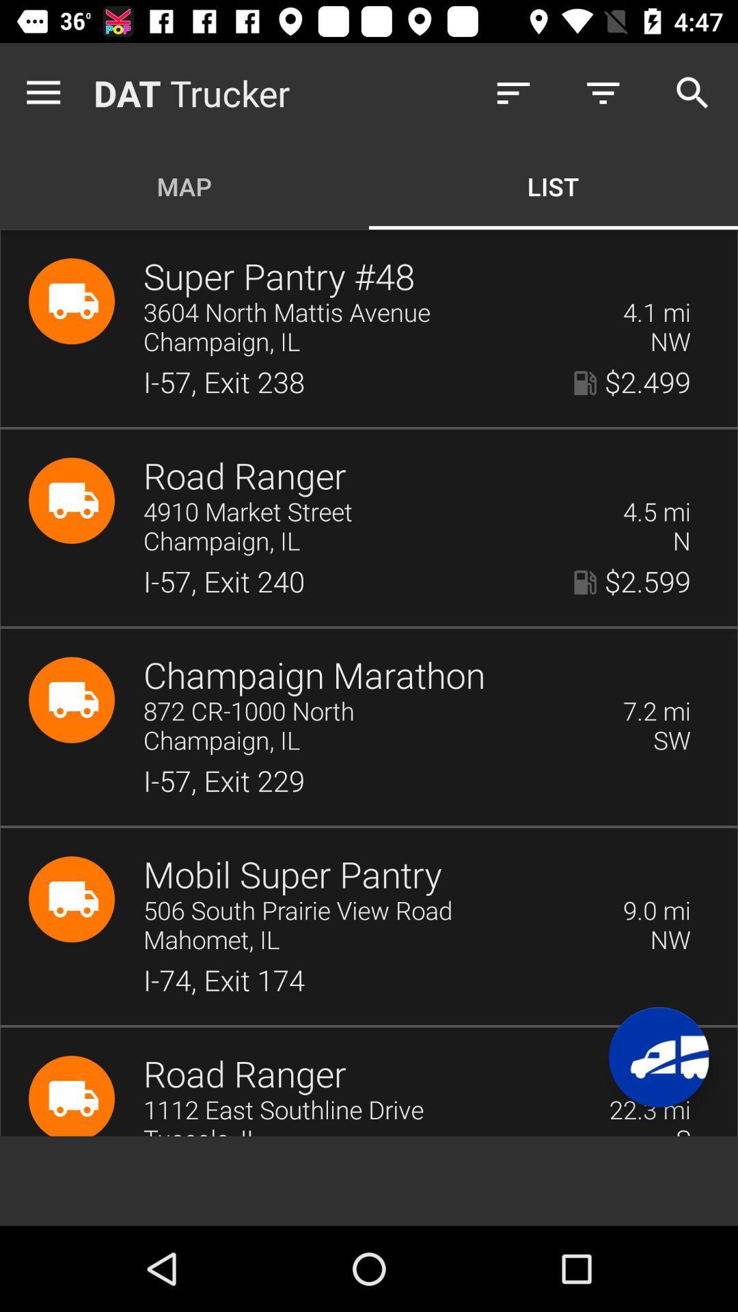  I want to click on the 4910 market street, so click(374, 512).